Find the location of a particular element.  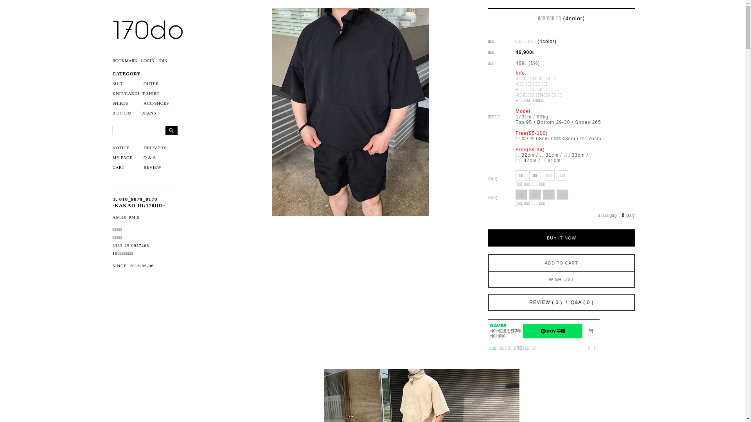

'SUIT' is located at coordinates (112, 83).